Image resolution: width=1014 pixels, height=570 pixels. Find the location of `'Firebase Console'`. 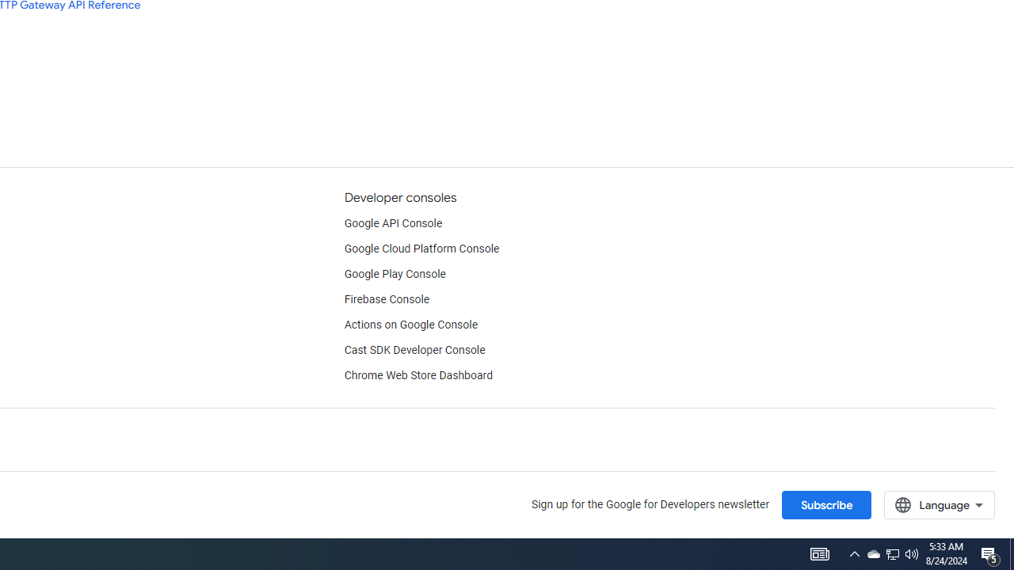

'Firebase Console' is located at coordinates (387, 300).